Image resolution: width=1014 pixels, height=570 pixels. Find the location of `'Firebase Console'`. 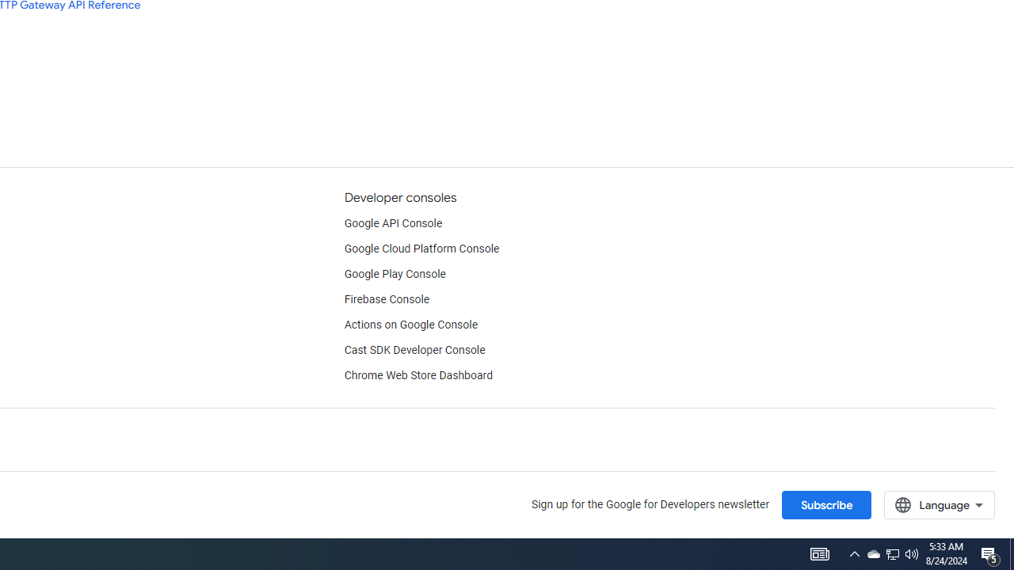

'Firebase Console' is located at coordinates (387, 300).